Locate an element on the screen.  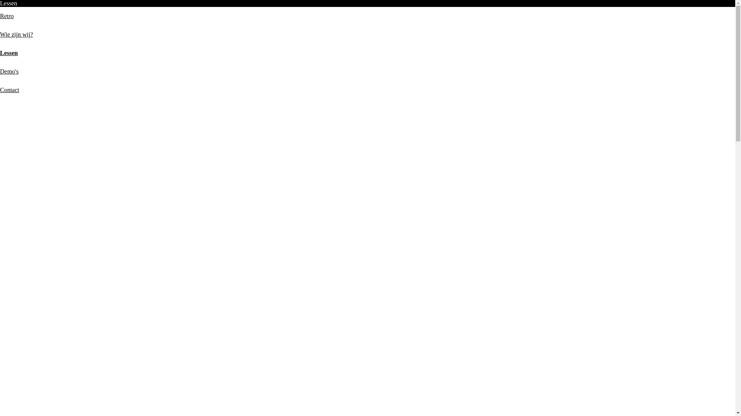
'Contact' is located at coordinates (9, 89).